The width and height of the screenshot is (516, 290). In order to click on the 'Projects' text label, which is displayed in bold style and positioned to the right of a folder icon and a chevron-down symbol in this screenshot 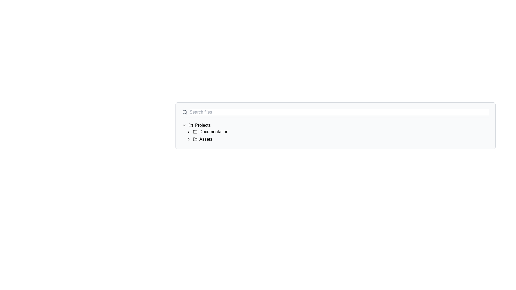, I will do `click(202, 125)`.